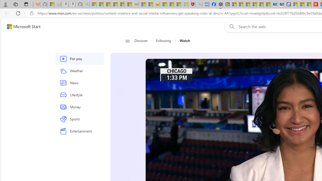  I want to click on 'Robert H. Shmerling, MD - Harvard Health', so click(191, 4).